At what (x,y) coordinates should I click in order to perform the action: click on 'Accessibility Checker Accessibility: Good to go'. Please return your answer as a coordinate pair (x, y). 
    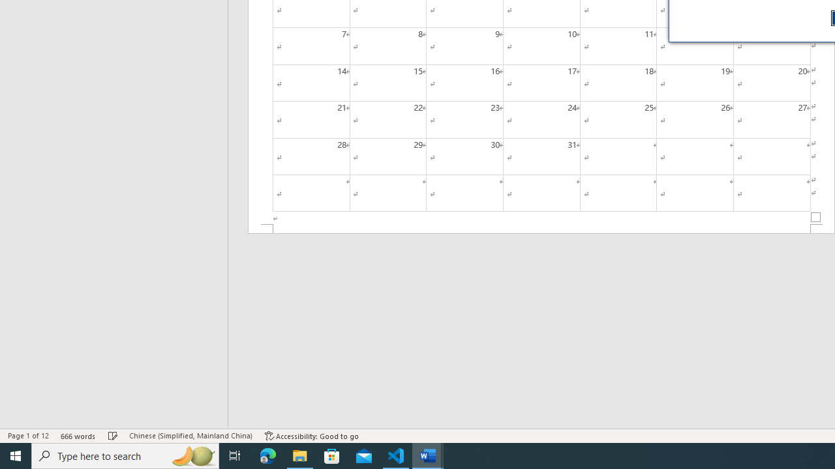
    Looking at the image, I should click on (311, 436).